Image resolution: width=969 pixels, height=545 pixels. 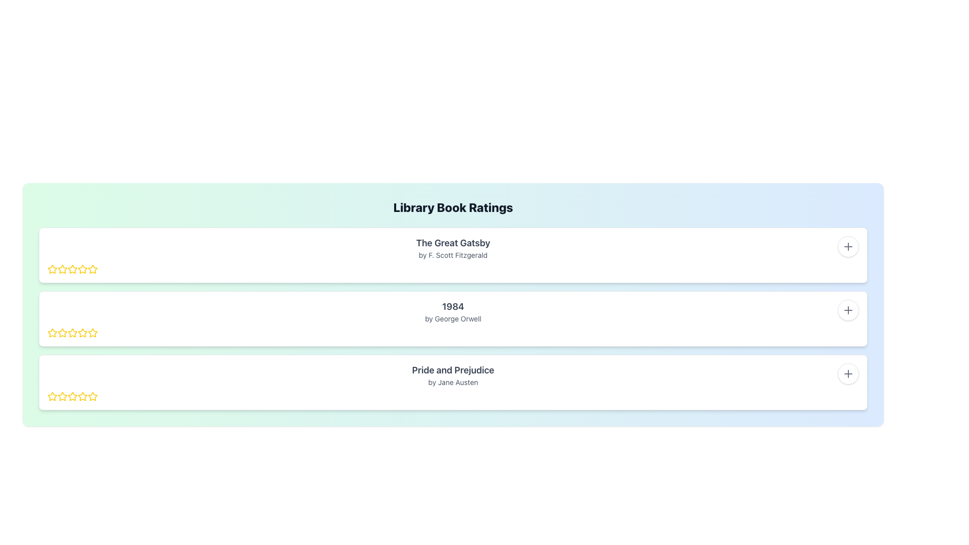 I want to click on the second star in the rating indicator for the book 'Pride and Prejudice', so click(x=82, y=396).